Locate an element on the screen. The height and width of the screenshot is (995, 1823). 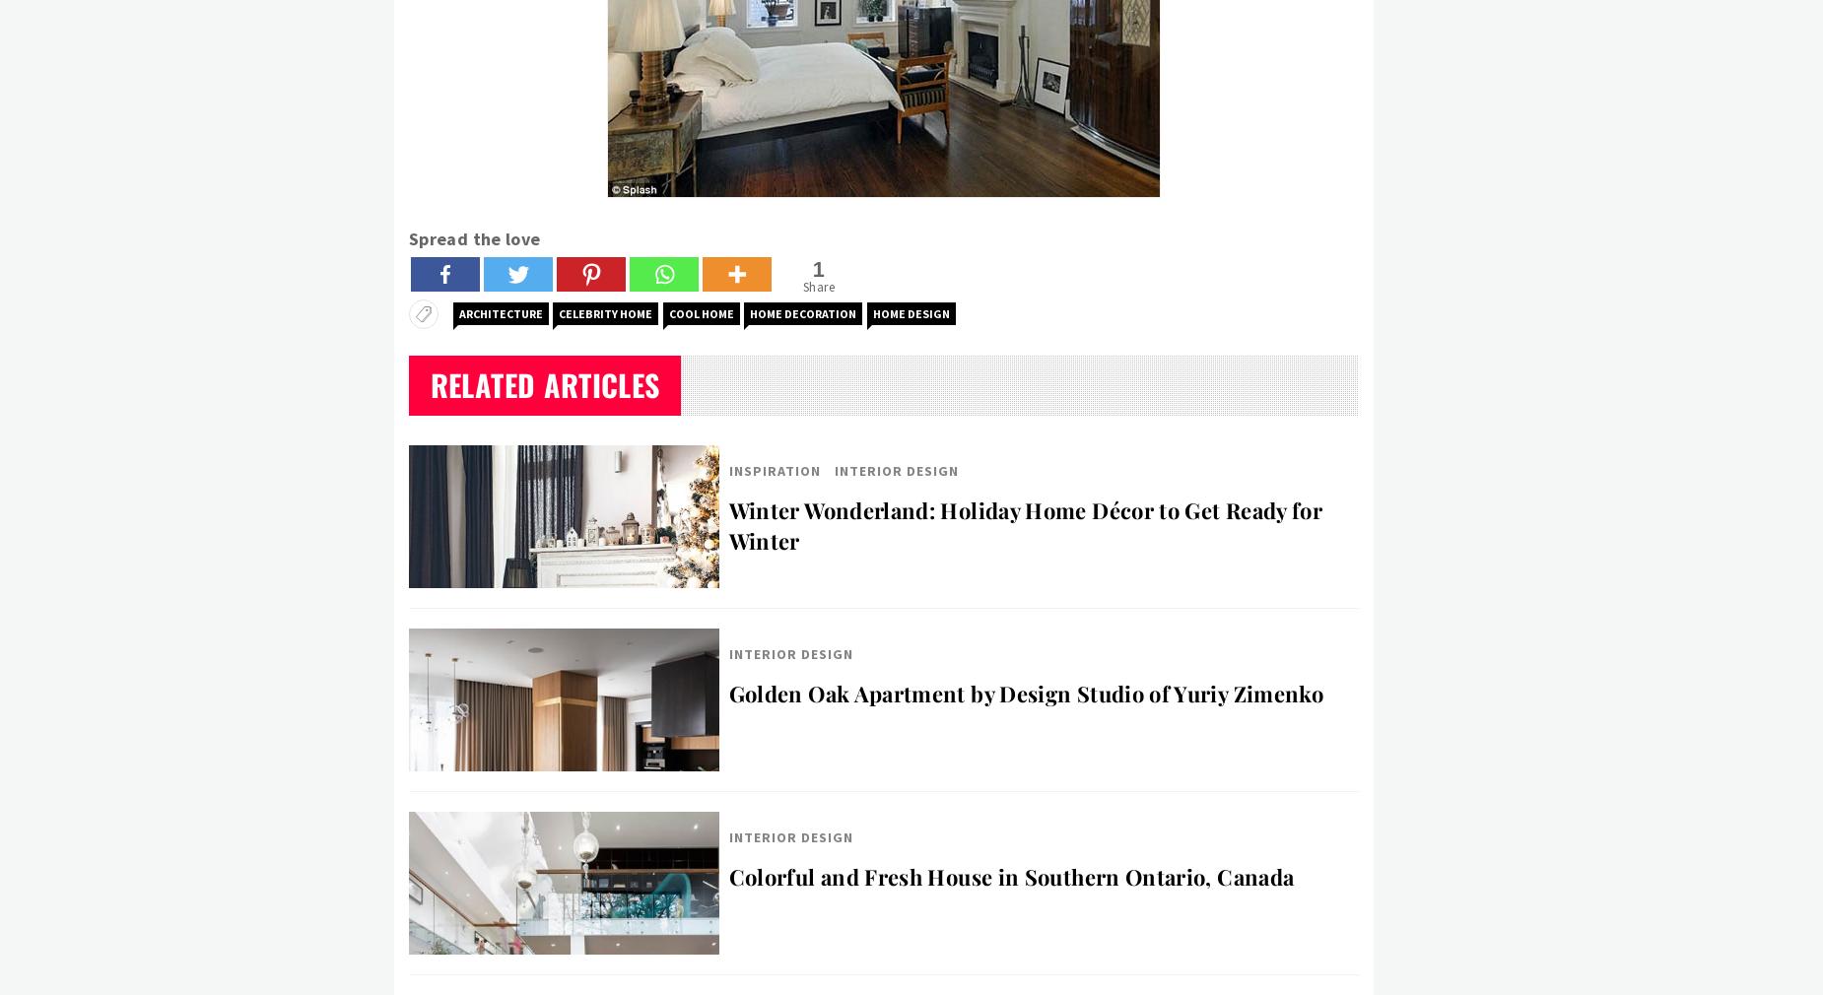
'Colorful and Fresh House in Southern Ontario, Canada' is located at coordinates (1010, 876).